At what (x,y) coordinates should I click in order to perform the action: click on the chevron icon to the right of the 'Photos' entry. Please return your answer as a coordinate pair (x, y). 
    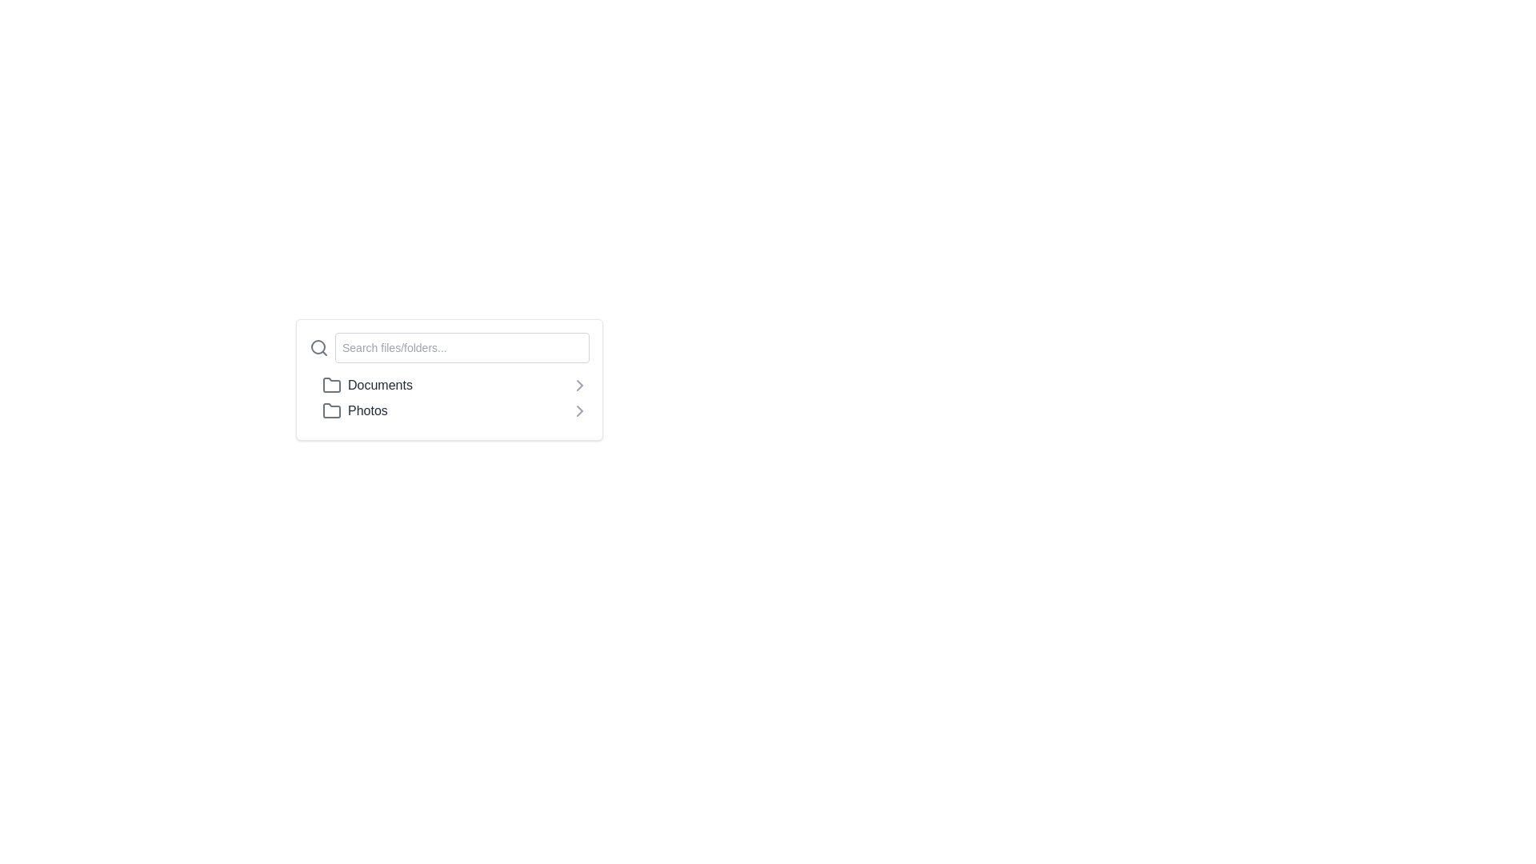
    Looking at the image, I should click on (578, 410).